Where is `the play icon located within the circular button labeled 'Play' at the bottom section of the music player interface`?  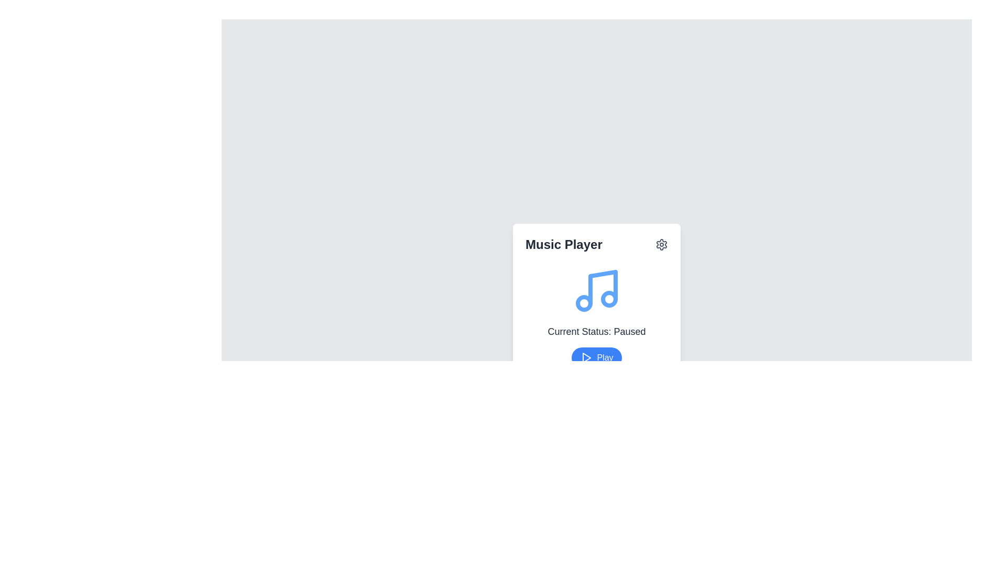
the play icon located within the circular button labeled 'Play' at the bottom section of the music player interface is located at coordinates (586, 357).